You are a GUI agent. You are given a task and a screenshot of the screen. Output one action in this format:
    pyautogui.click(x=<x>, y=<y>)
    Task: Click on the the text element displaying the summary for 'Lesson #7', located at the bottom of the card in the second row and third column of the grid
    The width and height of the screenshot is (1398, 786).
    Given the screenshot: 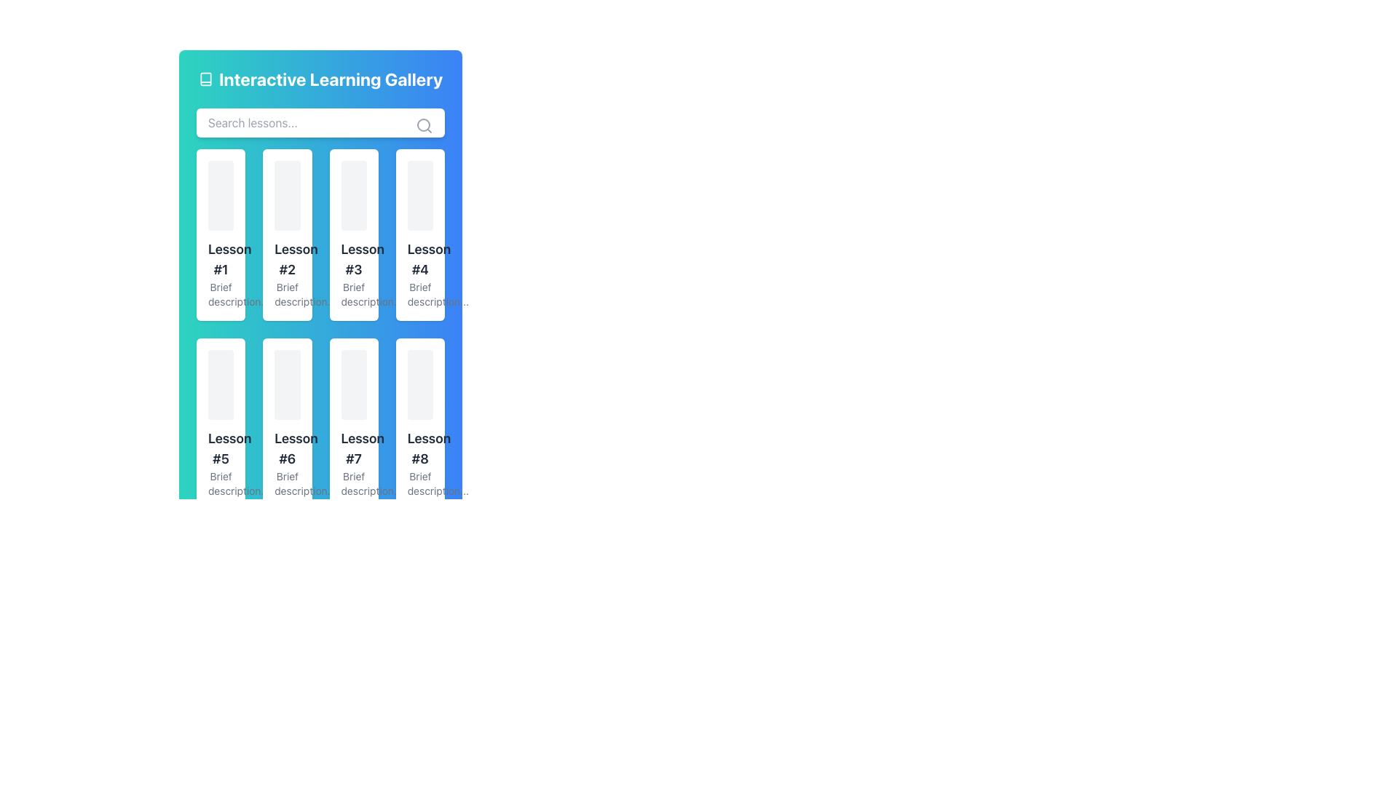 What is the action you would take?
    pyautogui.click(x=354, y=483)
    